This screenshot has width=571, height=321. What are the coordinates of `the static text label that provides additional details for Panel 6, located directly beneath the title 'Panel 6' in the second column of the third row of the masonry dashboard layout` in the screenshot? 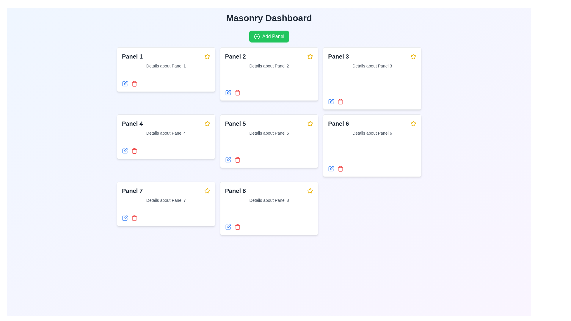 It's located at (372, 133).